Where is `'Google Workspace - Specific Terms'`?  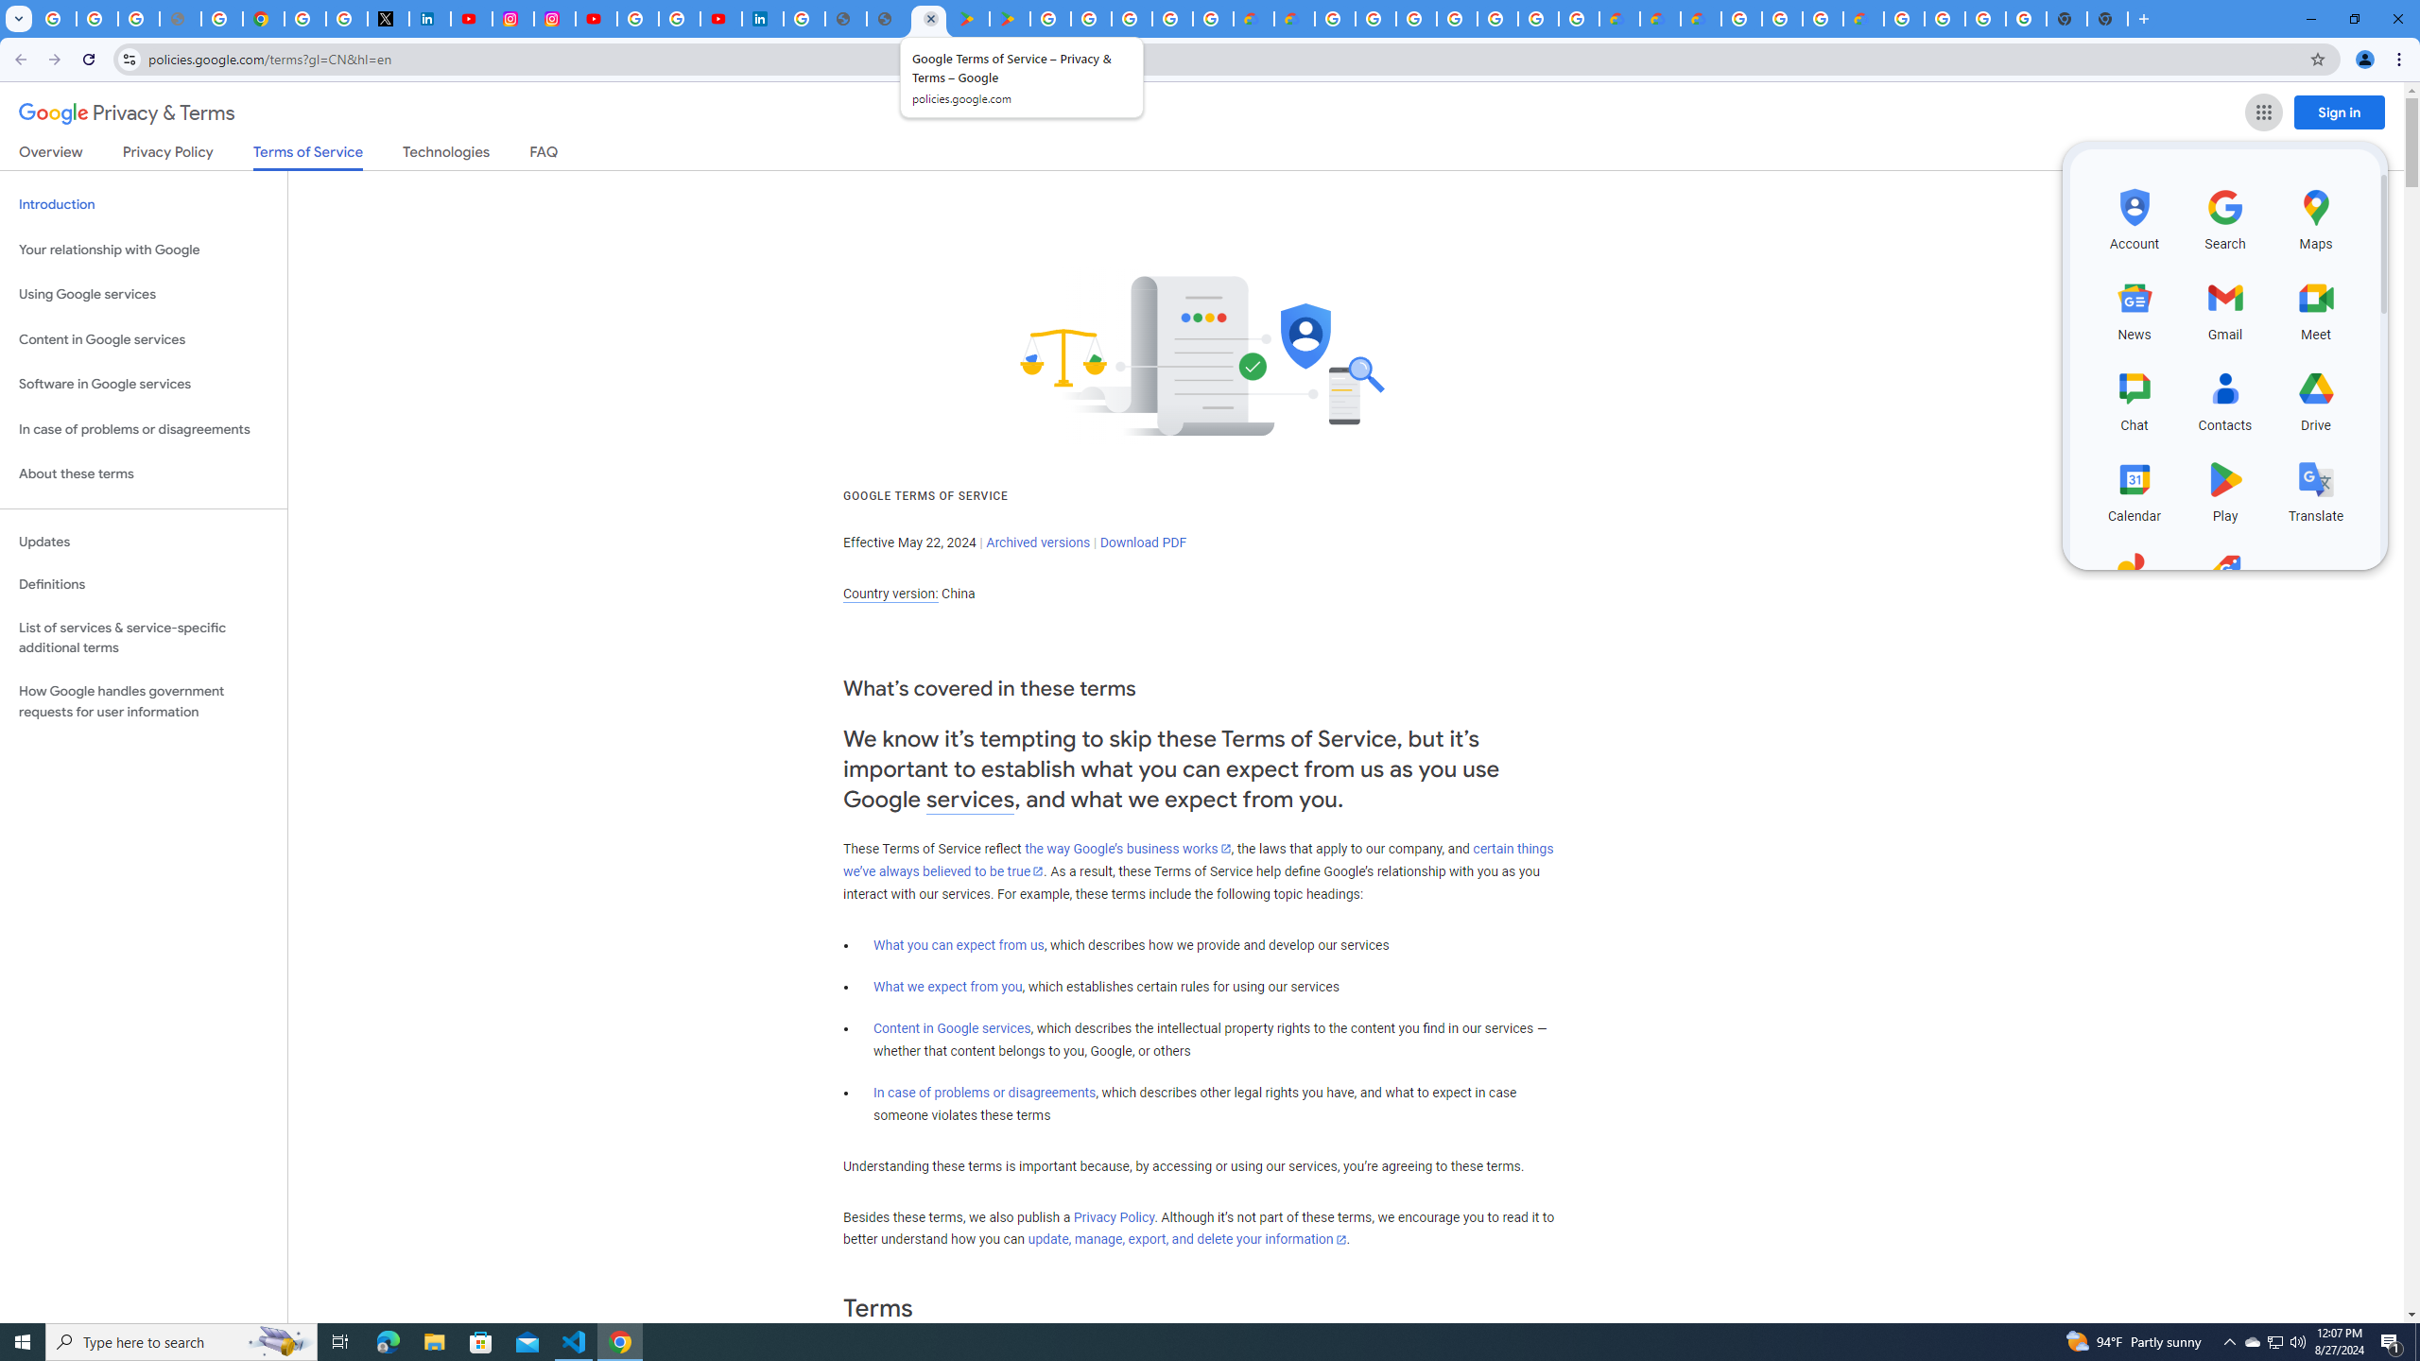 'Google Workspace - Specific Terms' is located at coordinates (1211, 18).